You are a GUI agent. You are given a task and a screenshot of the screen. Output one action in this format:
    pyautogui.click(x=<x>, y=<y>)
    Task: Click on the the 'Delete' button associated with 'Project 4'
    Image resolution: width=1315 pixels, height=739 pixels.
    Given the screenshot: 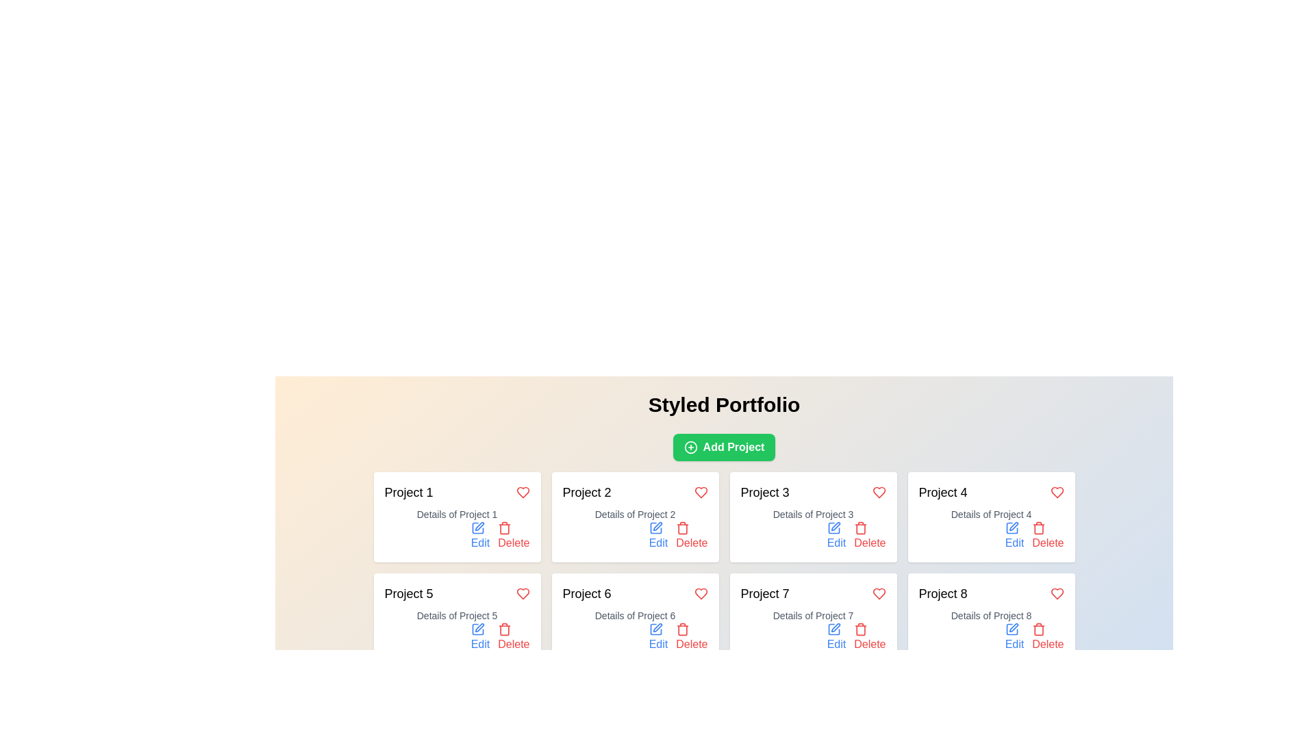 What is the action you would take?
    pyautogui.click(x=1039, y=528)
    